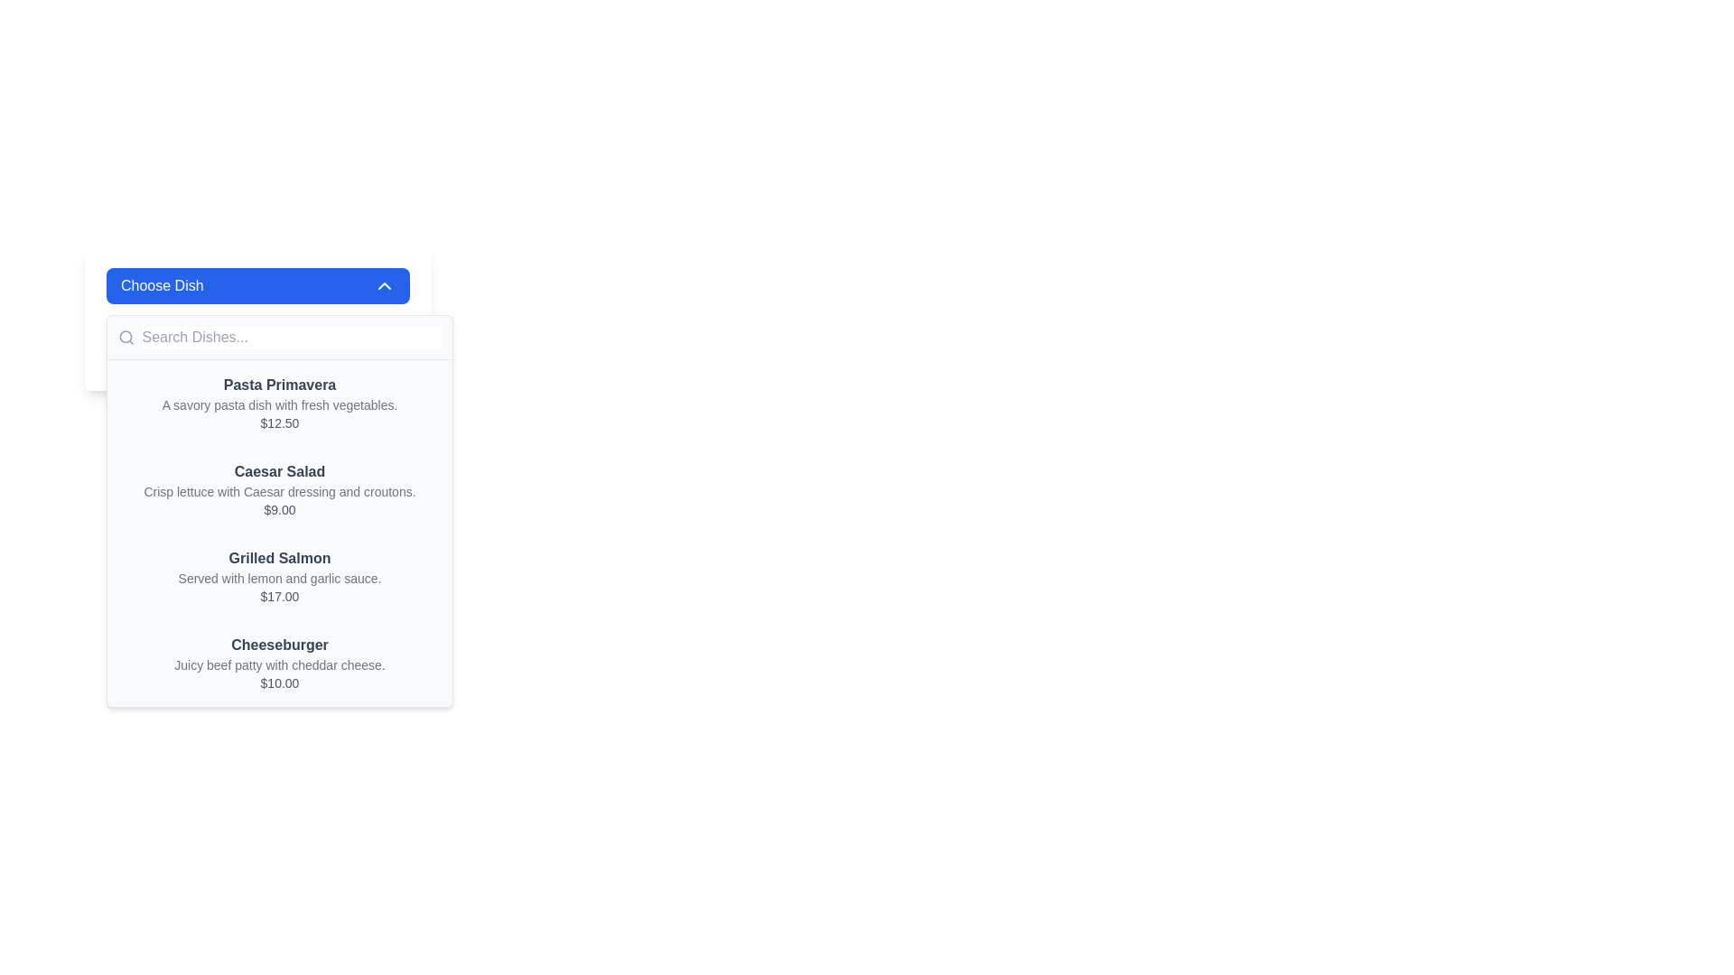 The height and width of the screenshot is (975, 1734). I want to click on the first menu item under 'Choose Dish', so click(279, 403).